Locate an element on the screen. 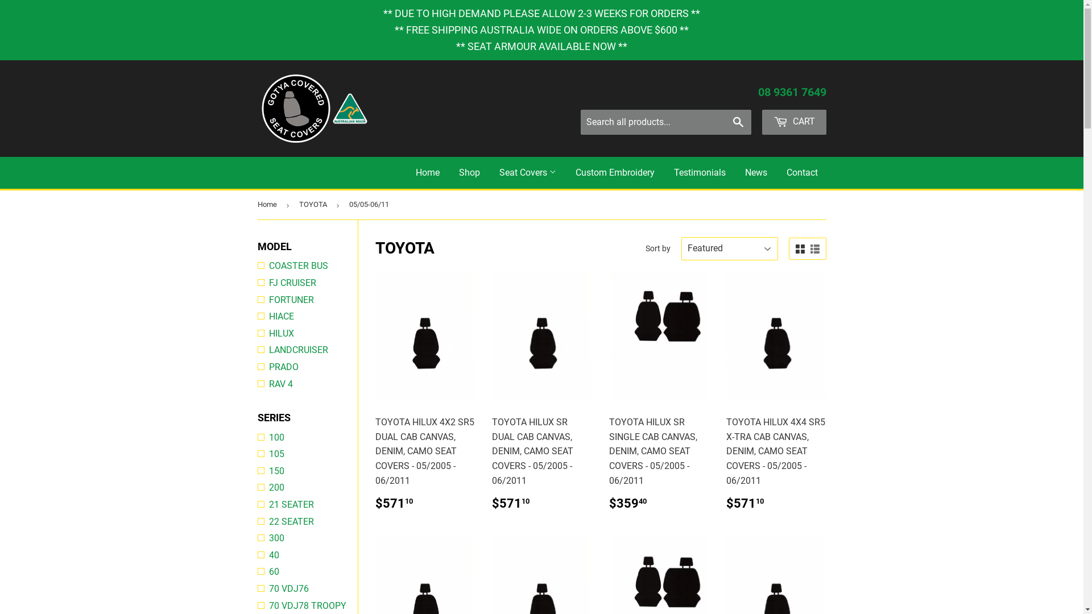 This screenshot has height=614, width=1092. 'HIACE' is located at coordinates (307, 316).